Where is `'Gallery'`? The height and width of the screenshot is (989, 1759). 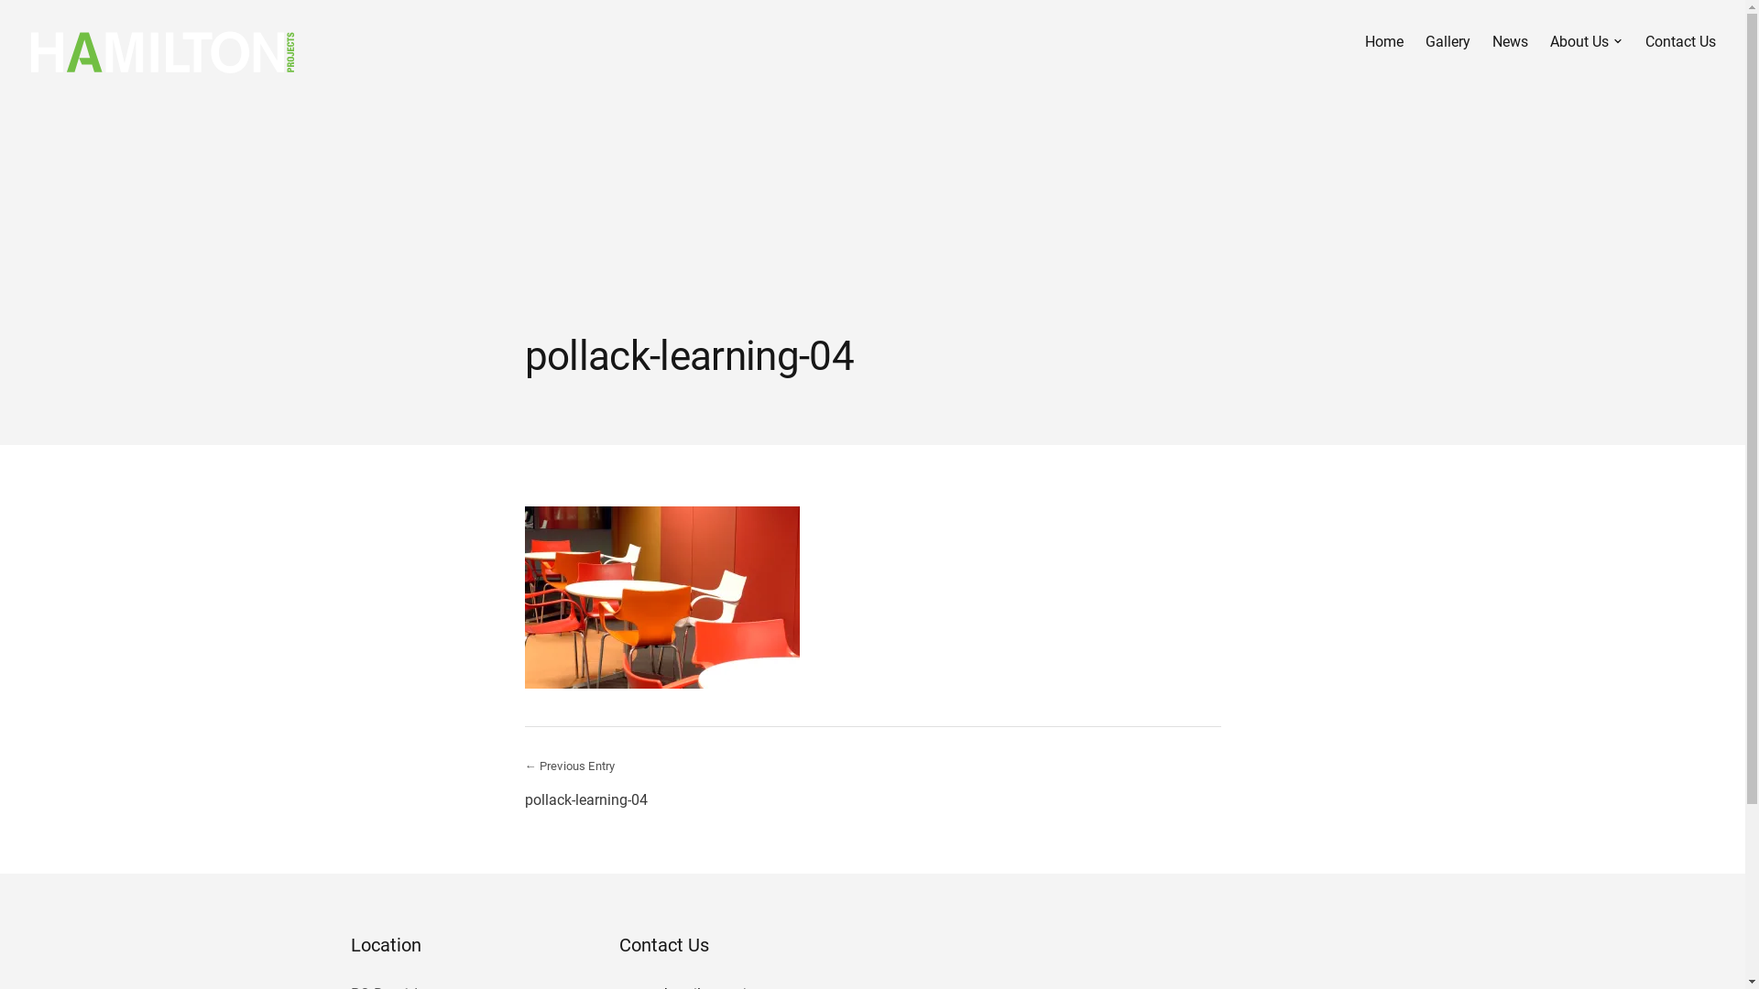 'Gallery' is located at coordinates (1447, 41).